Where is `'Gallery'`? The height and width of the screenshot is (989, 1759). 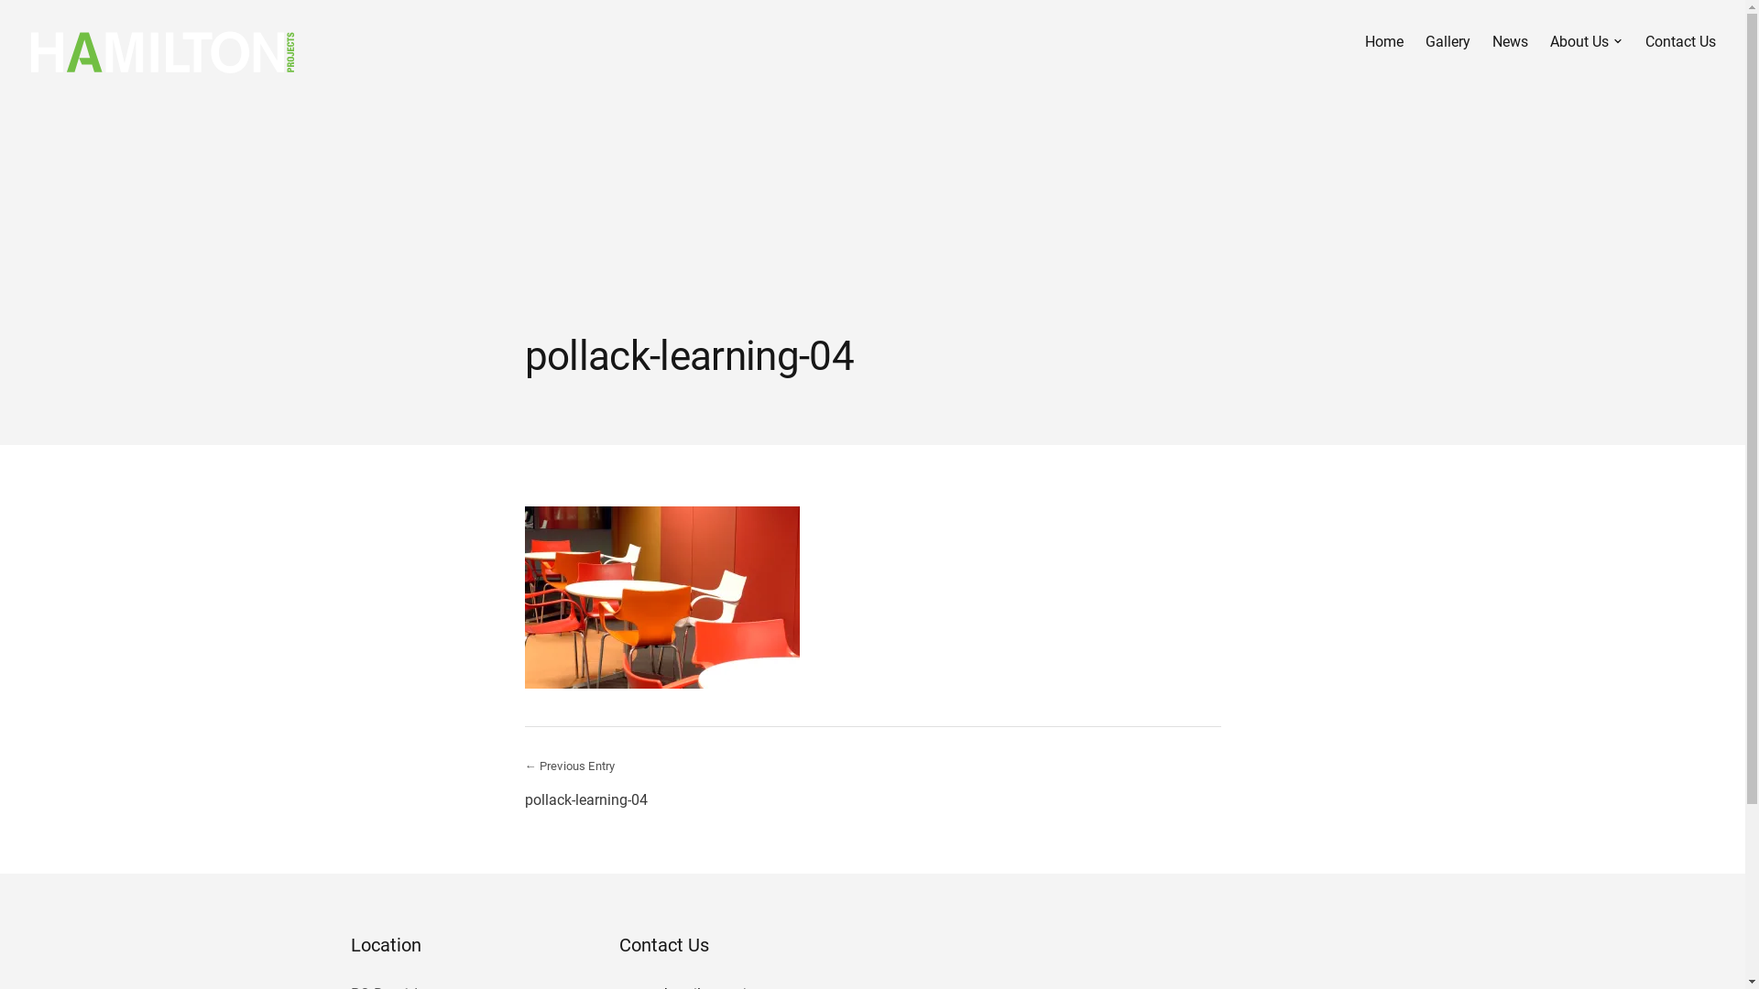 'Gallery' is located at coordinates (1447, 41).